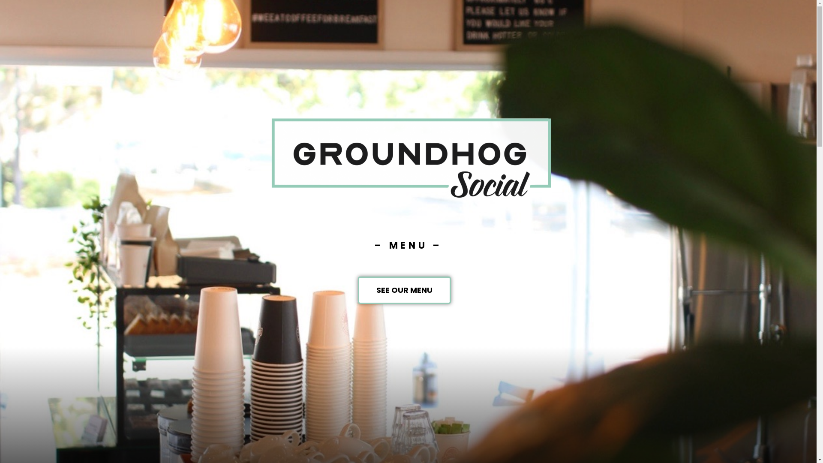  What do you see at coordinates (404, 290) in the screenshot?
I see `'SEE OUR MENU'` at bounding box center [404, 290].